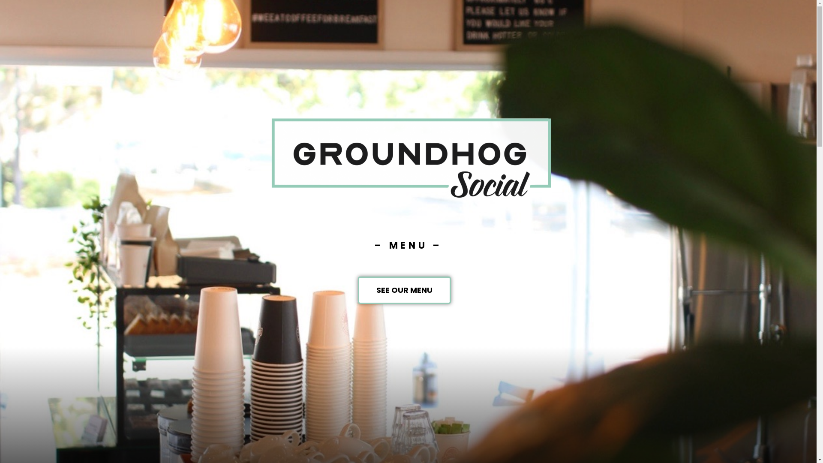  What do you see at coordinates (404, 290) in the screenshot?
I see `'SEE OUR MENU'` at bounding box center [404, 290].